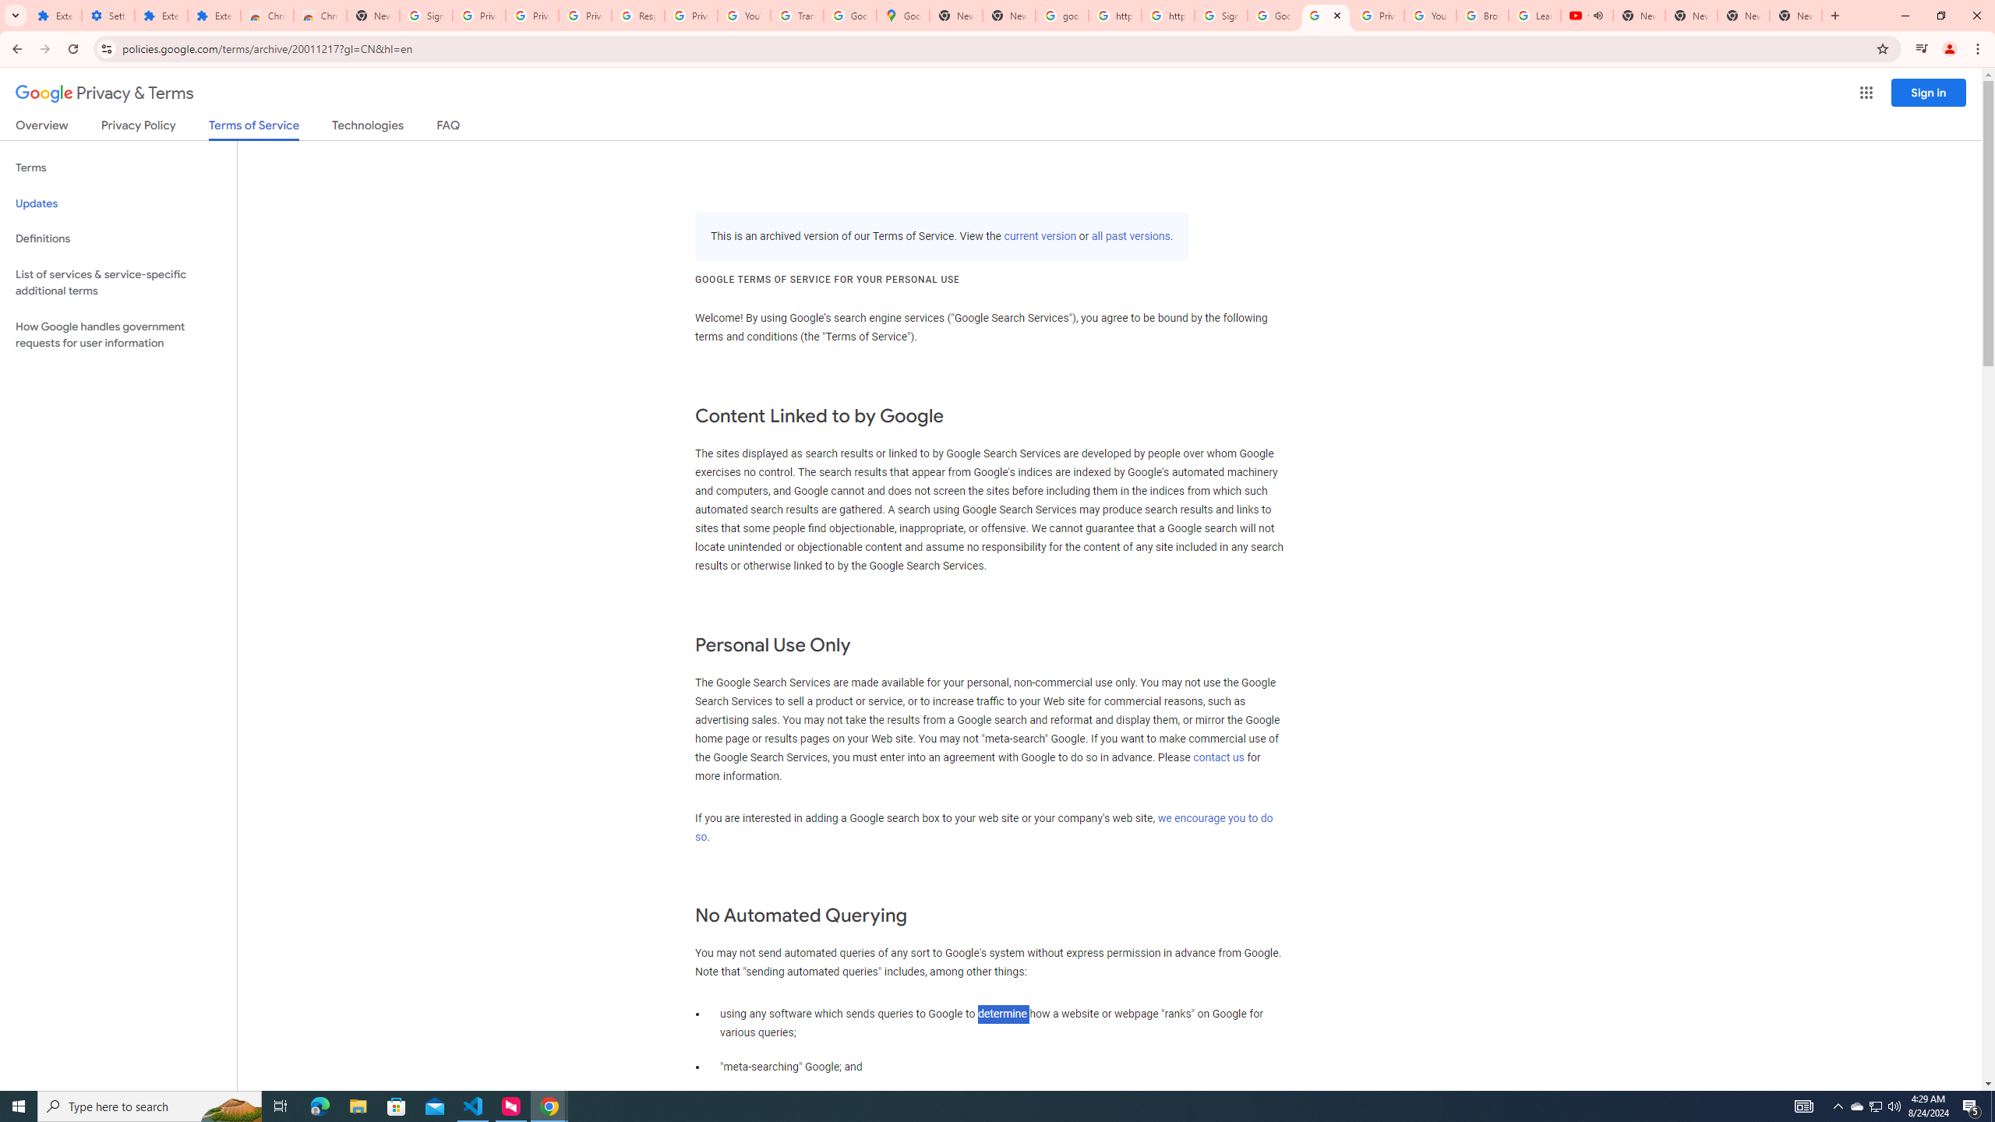 The image size is (1995, 1122). I want to click on 'current version', so click(1040, 235).